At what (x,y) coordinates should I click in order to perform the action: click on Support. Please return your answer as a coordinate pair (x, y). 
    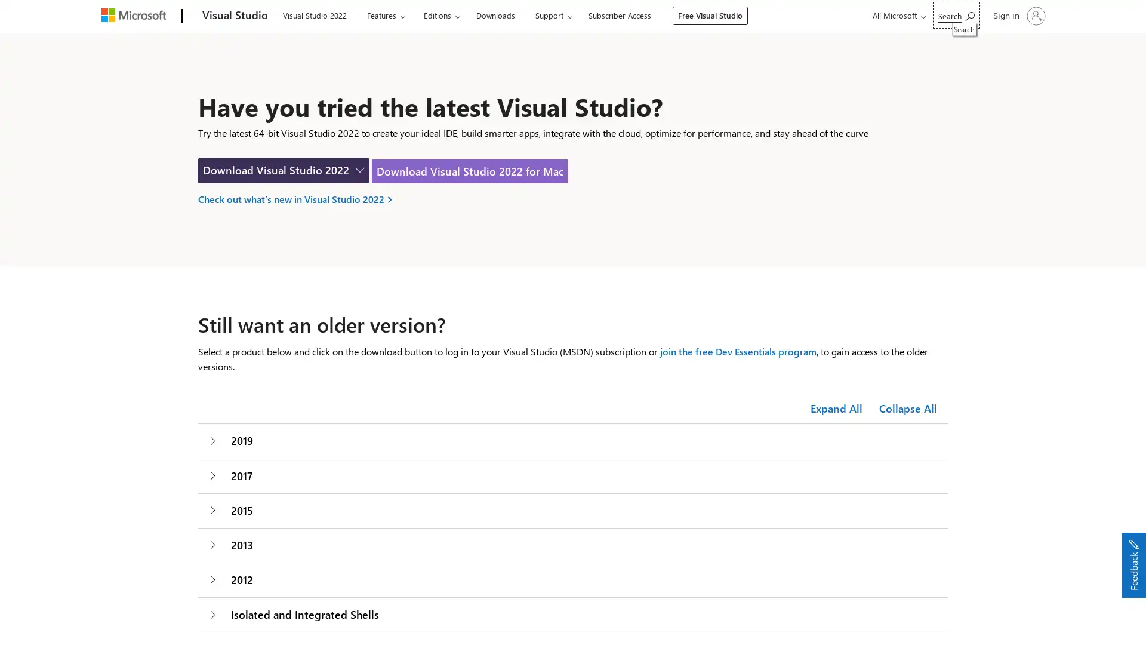
    Looking at the image, I should click on (553, 16).